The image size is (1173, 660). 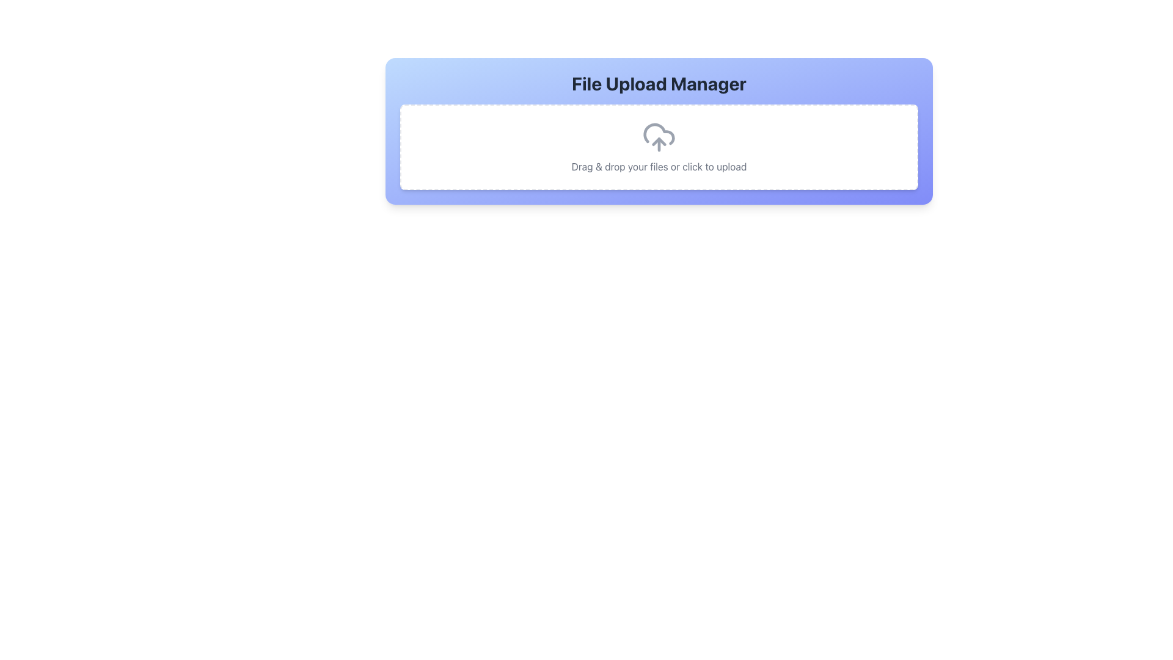 I want to click on instructional text label that guides users to drag and drop files or click to upload, located centrally beneath the upload icon, so click(x=659, y=167).